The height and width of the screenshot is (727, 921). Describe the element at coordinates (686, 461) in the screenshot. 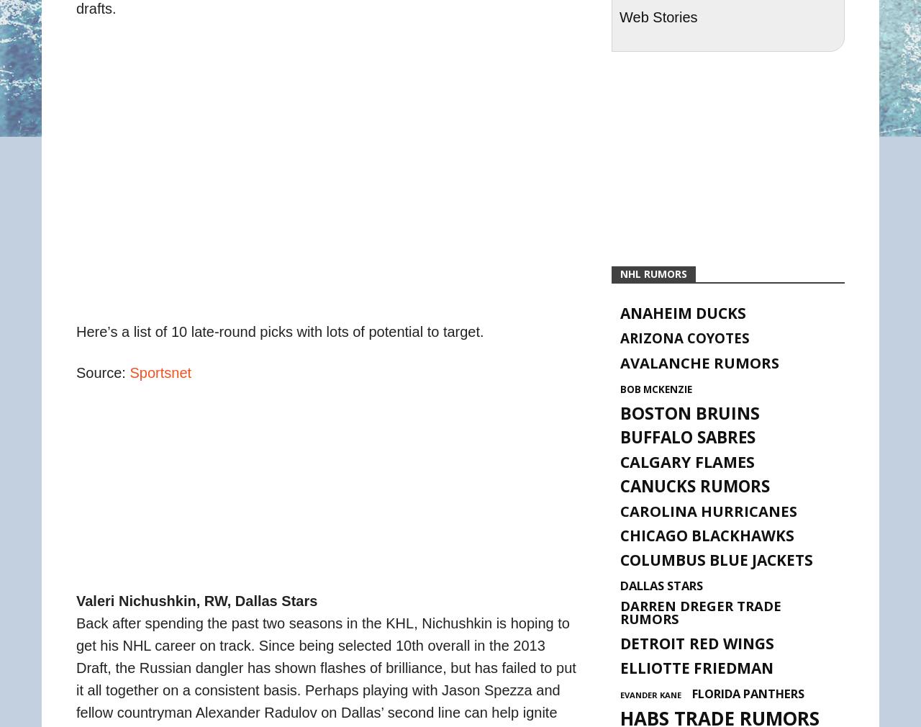

I see `'Calgary Flames'` at that location.